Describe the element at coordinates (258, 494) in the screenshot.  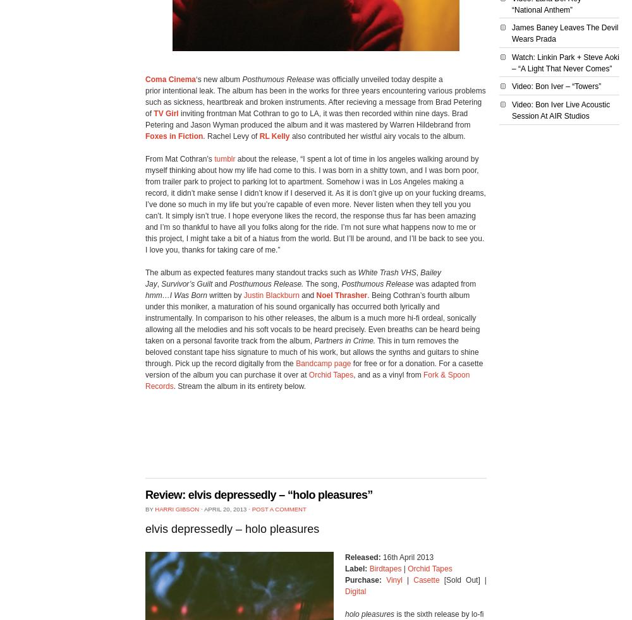
I see `'Review: elvis depressedly – “holo pleasures”'` at that location.